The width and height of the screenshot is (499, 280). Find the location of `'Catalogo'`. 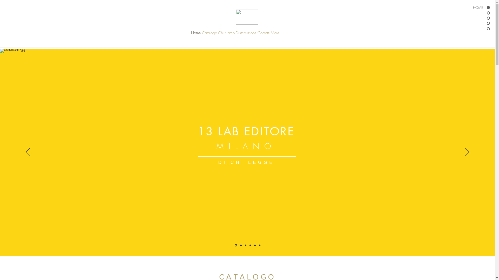

'Catalogo' is located at coordinates (201, 34).